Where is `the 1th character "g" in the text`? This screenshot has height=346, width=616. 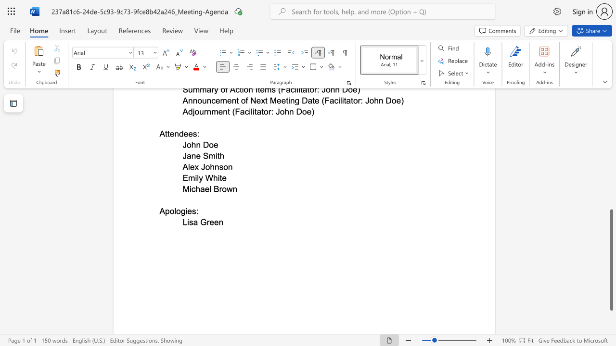 the 1th character "g" in the text is located at coordinates (183, 210).